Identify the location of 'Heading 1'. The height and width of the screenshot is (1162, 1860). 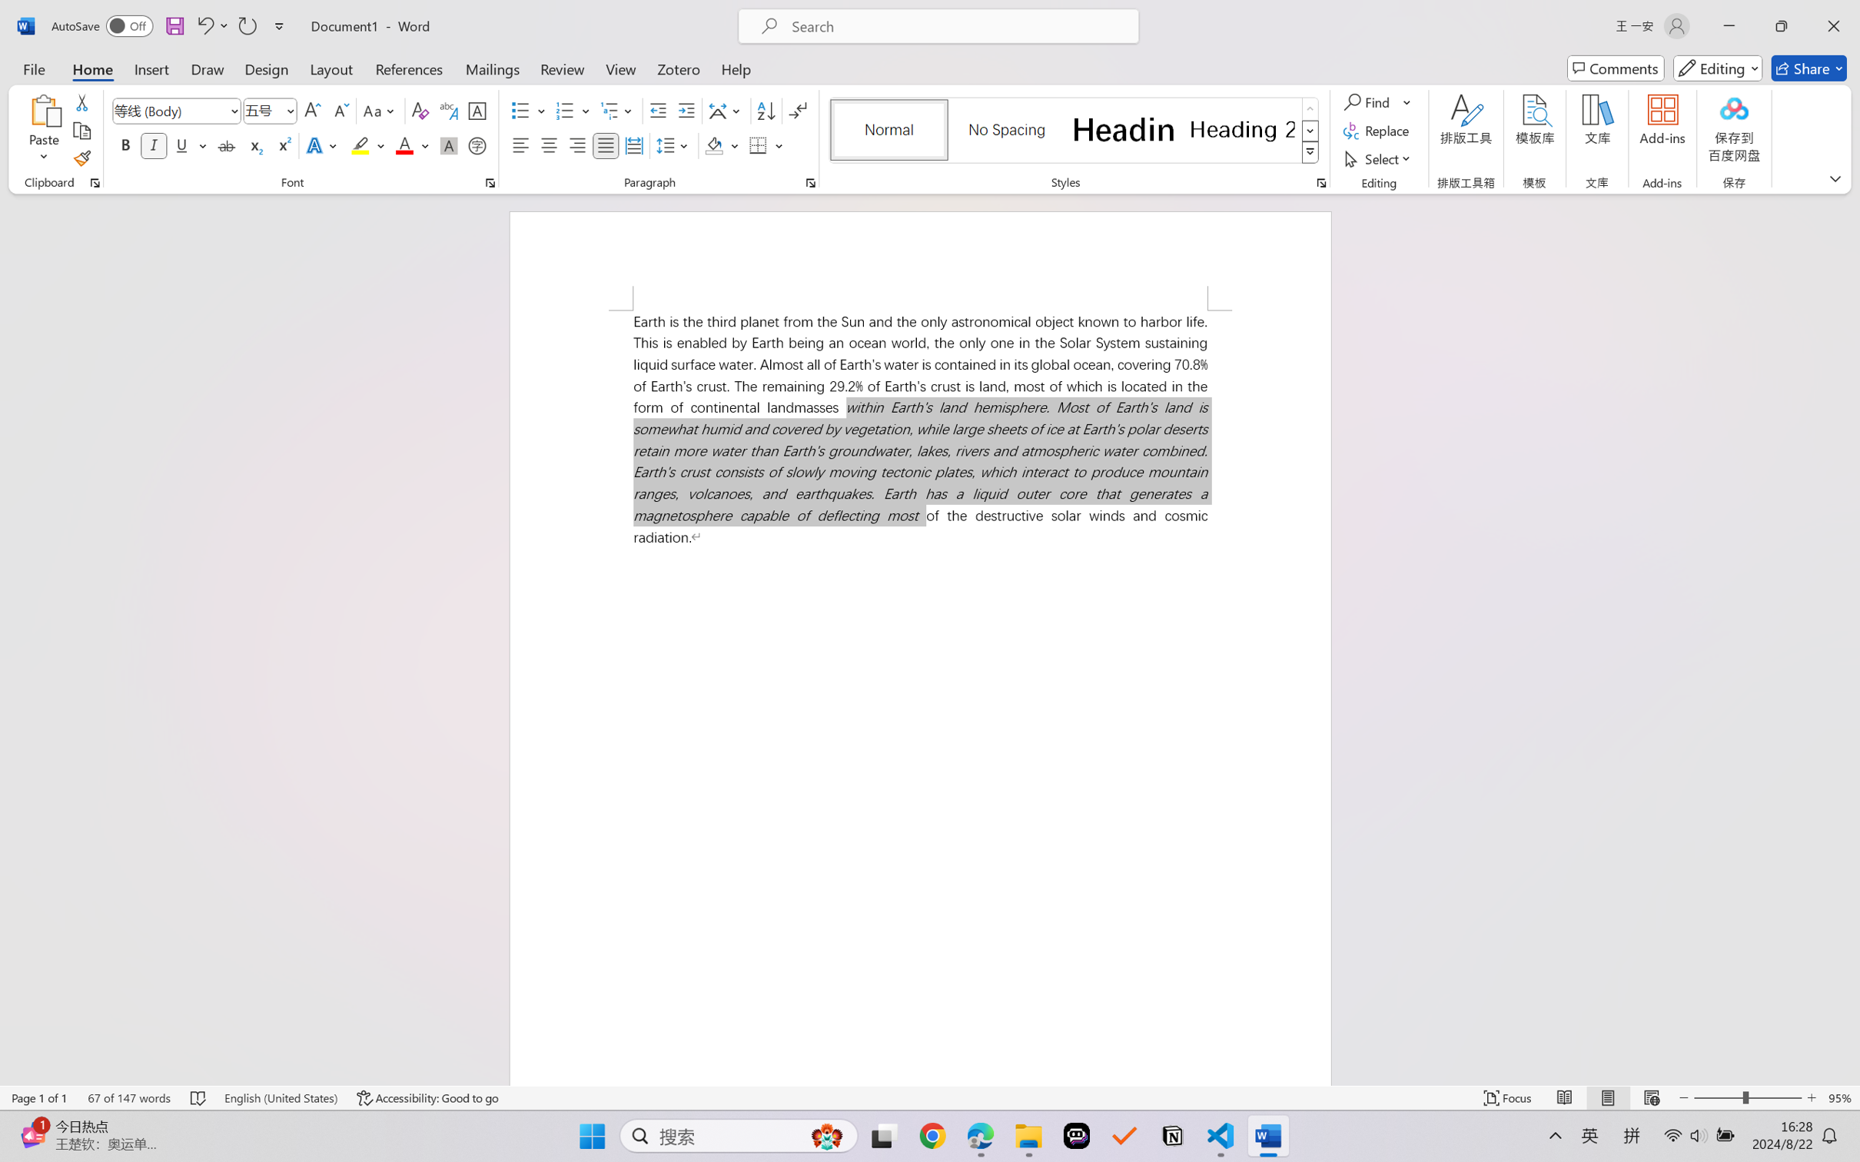
(1123, 129).